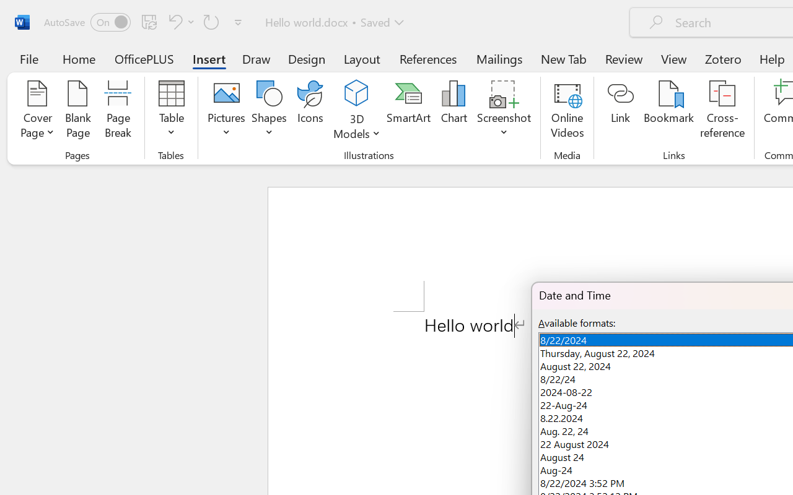 The height and width of the screenshot is (495, 793). Describe the element at coordinates (361, 58) in the screenshot. I see `'Layout'` at that location.